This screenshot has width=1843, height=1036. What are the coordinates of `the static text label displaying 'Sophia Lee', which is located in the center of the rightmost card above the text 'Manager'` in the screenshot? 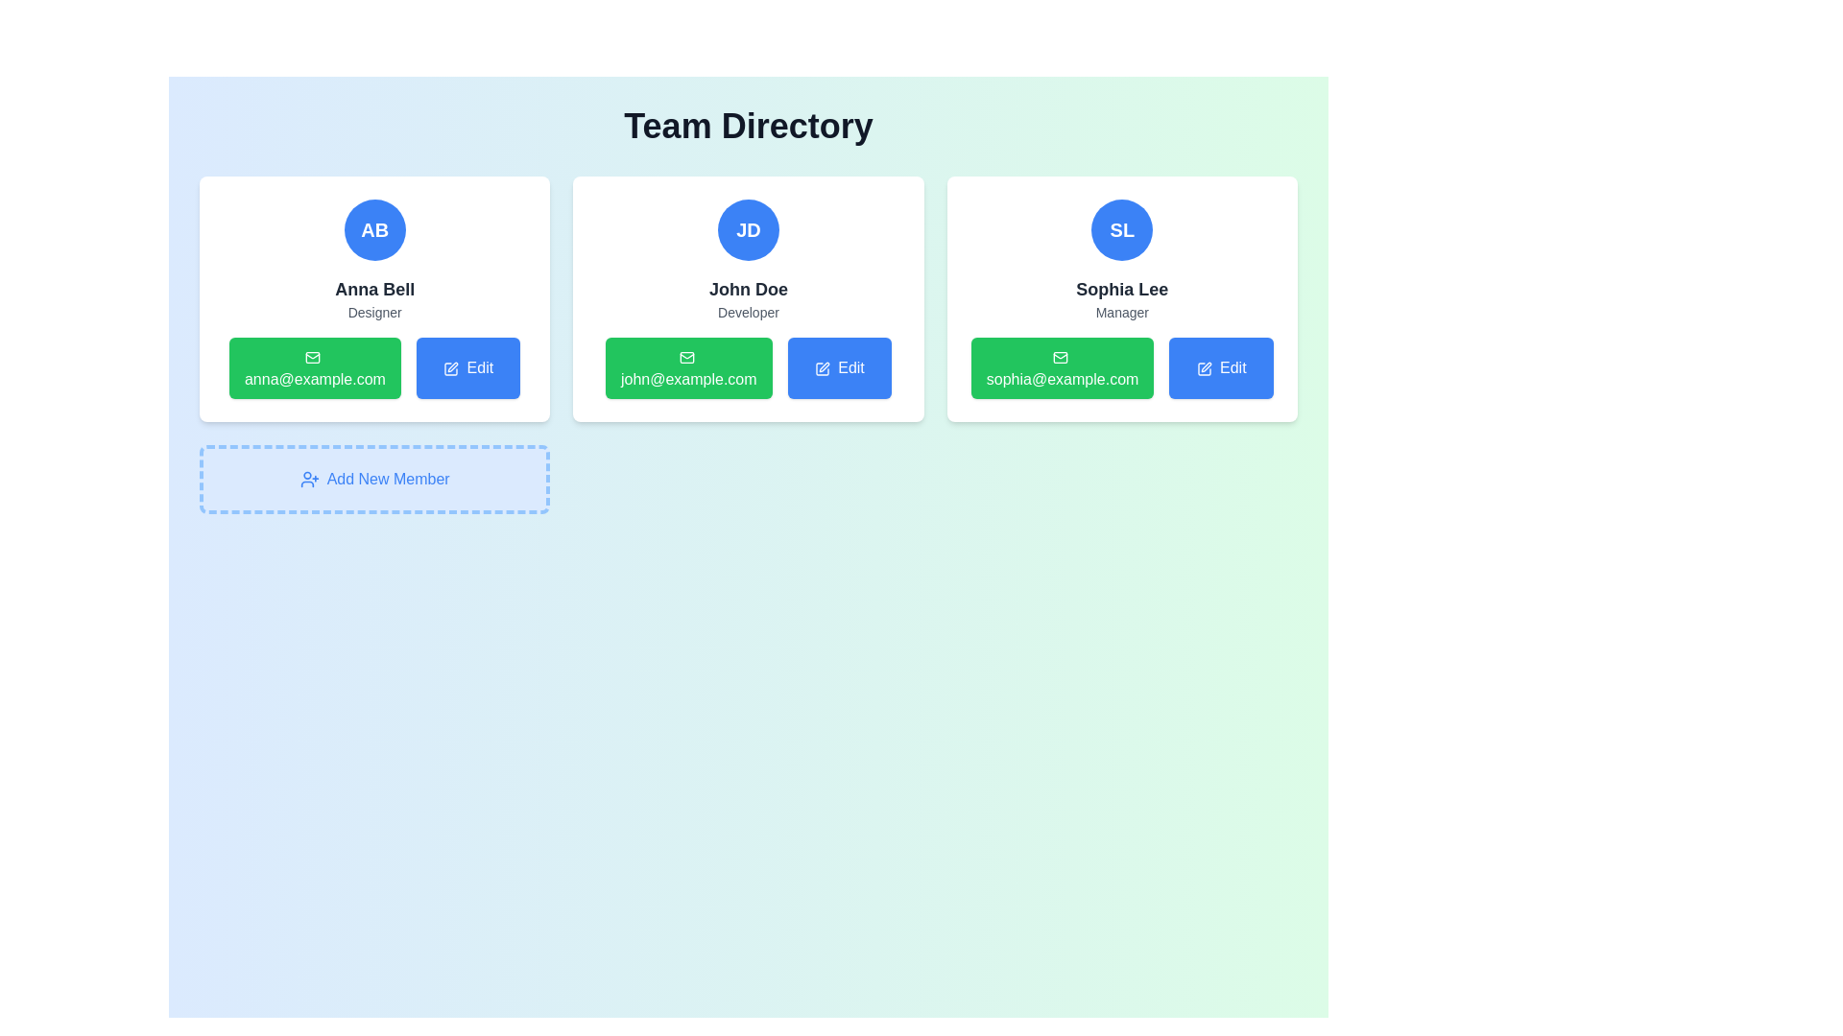 It's located at (1122, 289).